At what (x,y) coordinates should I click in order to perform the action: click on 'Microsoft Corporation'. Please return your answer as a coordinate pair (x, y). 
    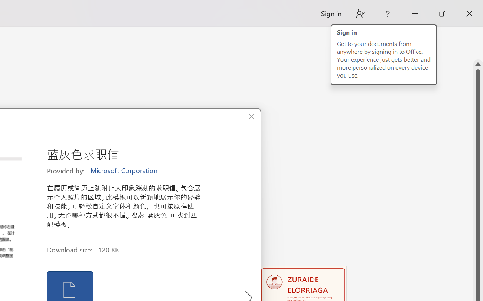
    Looking at the image, I should click on (125, 170).